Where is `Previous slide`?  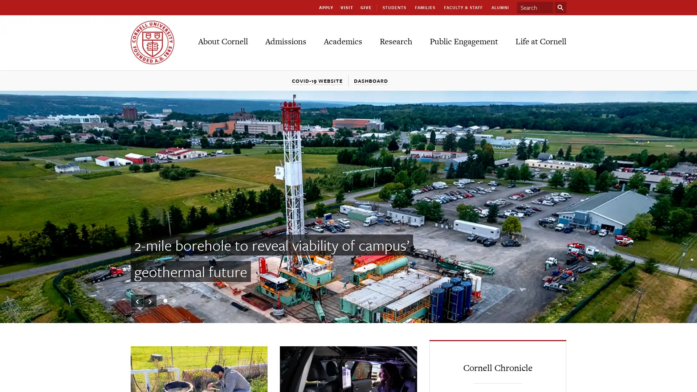
Previous slide is located at coordinates (137, 301).